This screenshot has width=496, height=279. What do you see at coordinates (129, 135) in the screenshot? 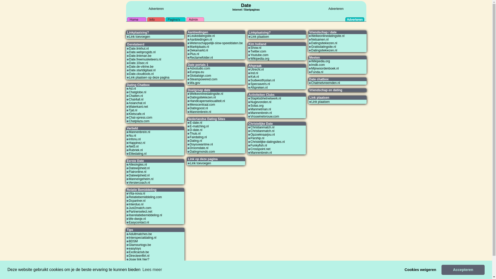
I see `'Nu.nl'` at bounding box center [129, 135].